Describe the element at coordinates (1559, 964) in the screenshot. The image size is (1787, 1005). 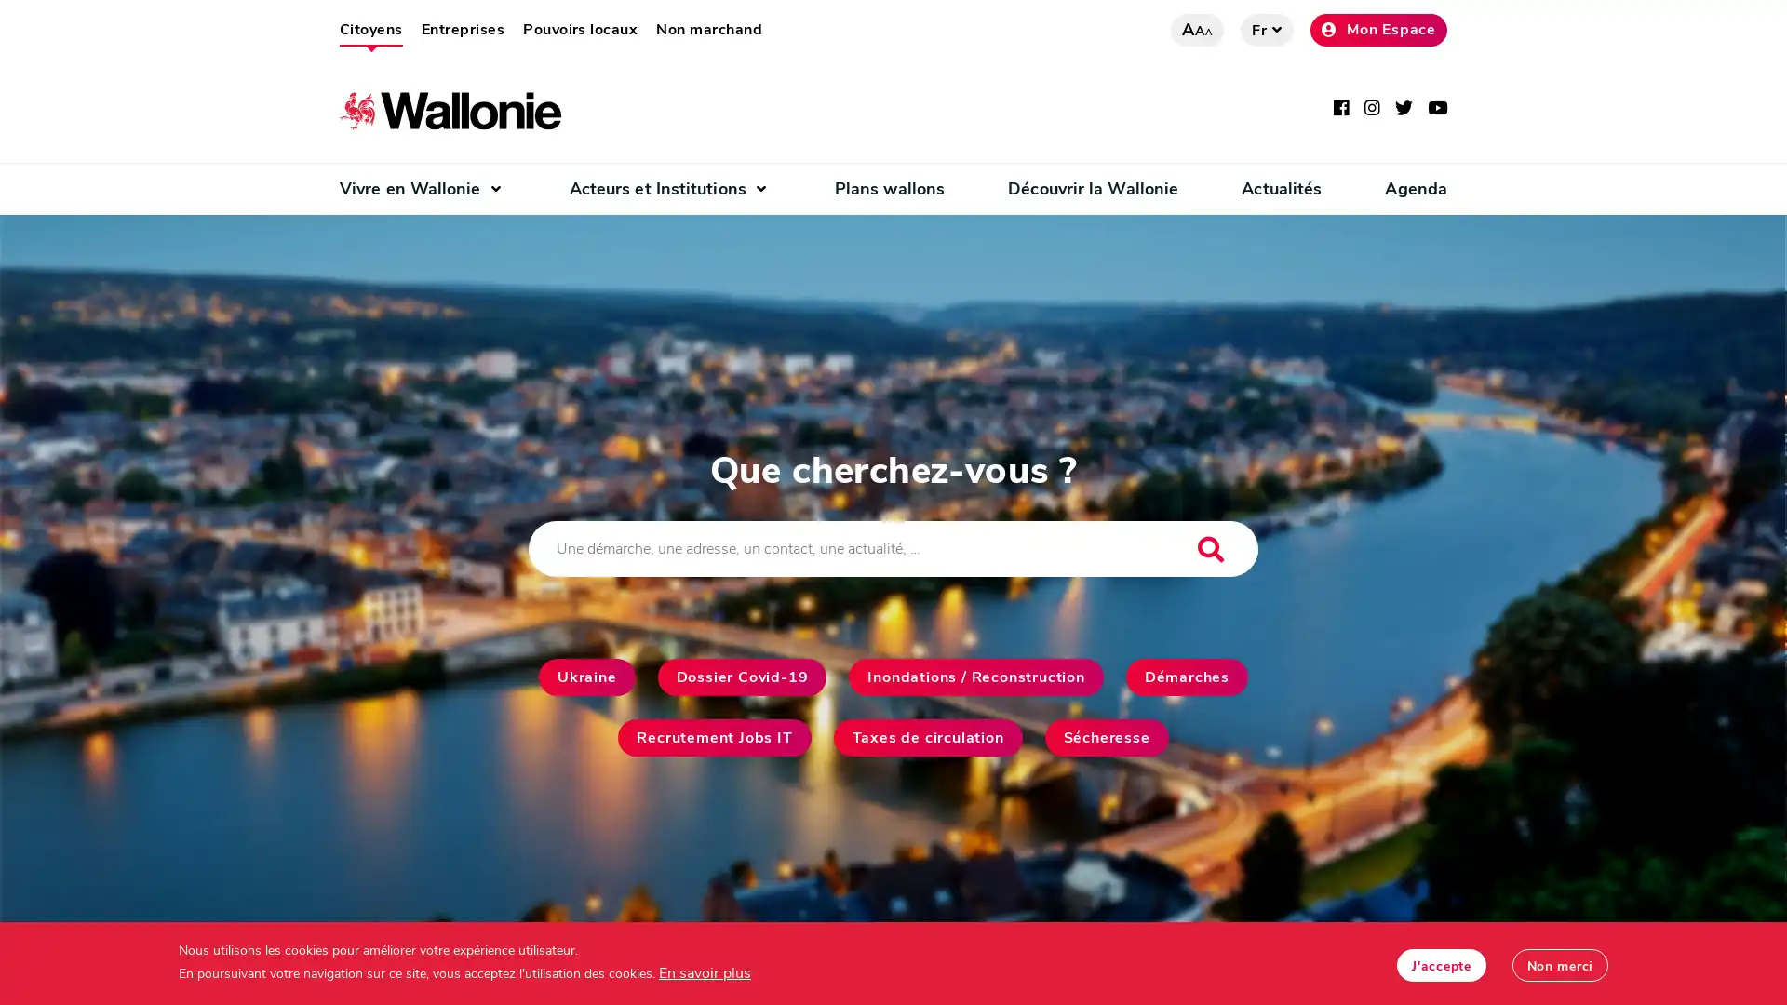
I see `Non merci` at that location.